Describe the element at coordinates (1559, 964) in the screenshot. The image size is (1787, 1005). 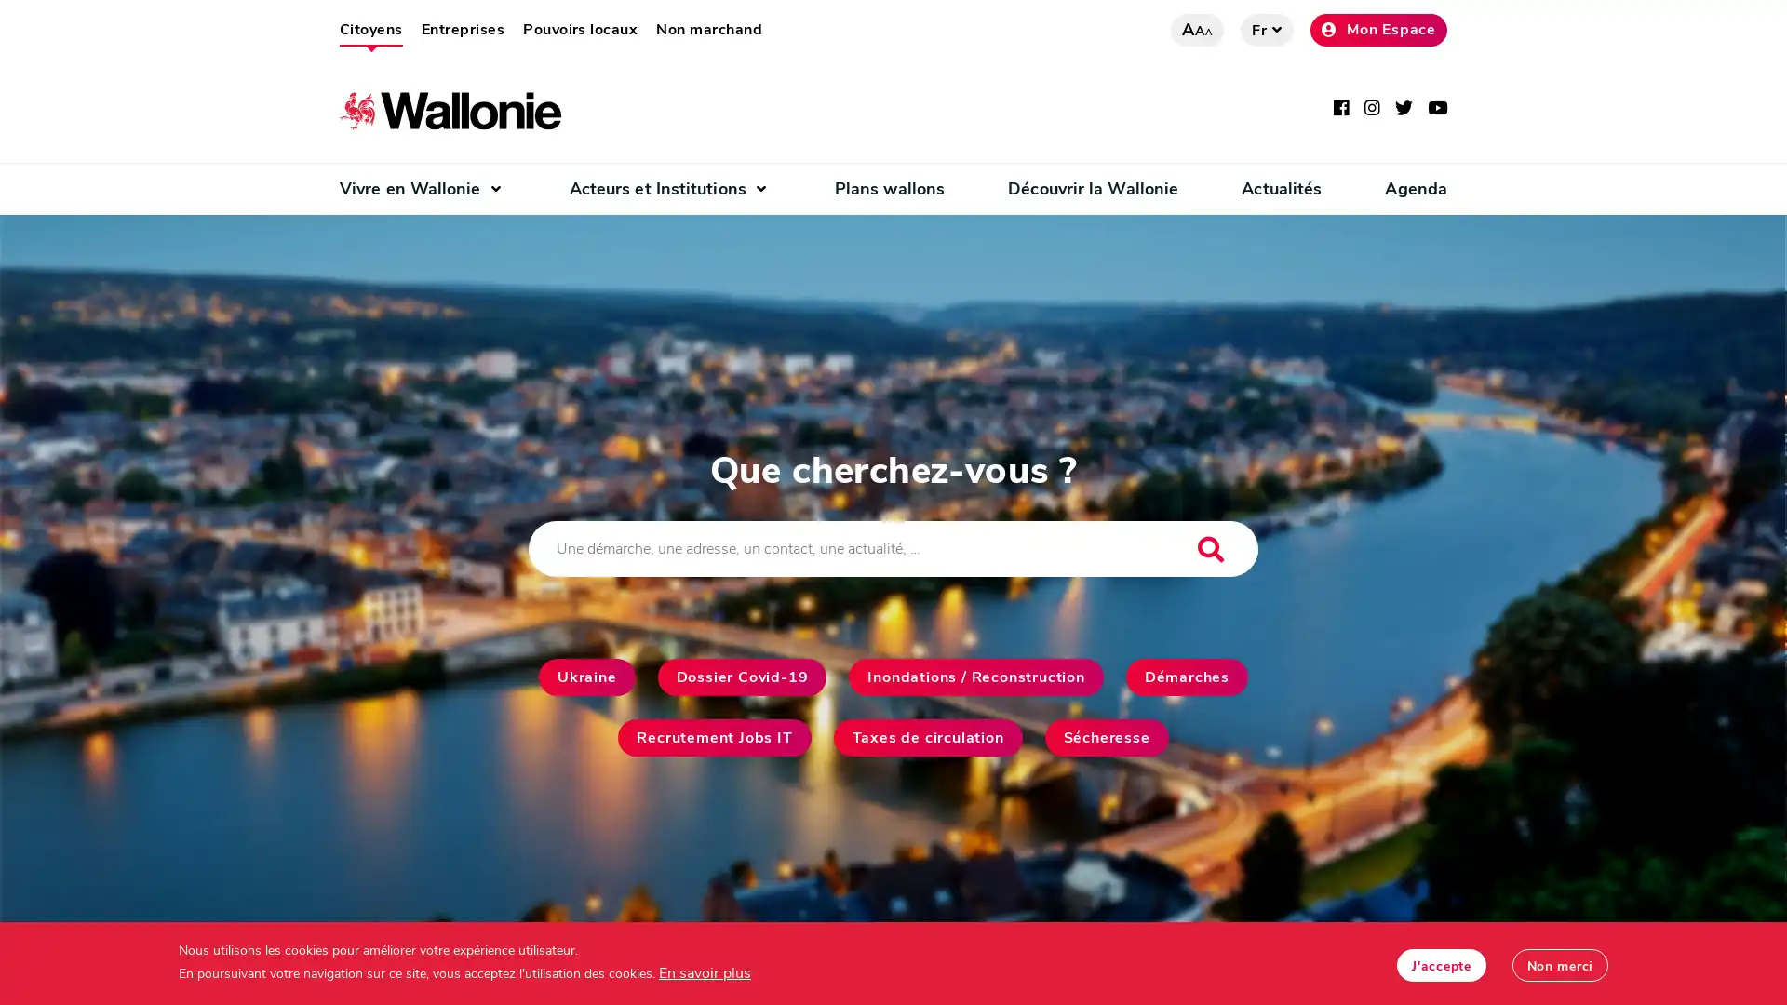
I see `Non merci` at that location.